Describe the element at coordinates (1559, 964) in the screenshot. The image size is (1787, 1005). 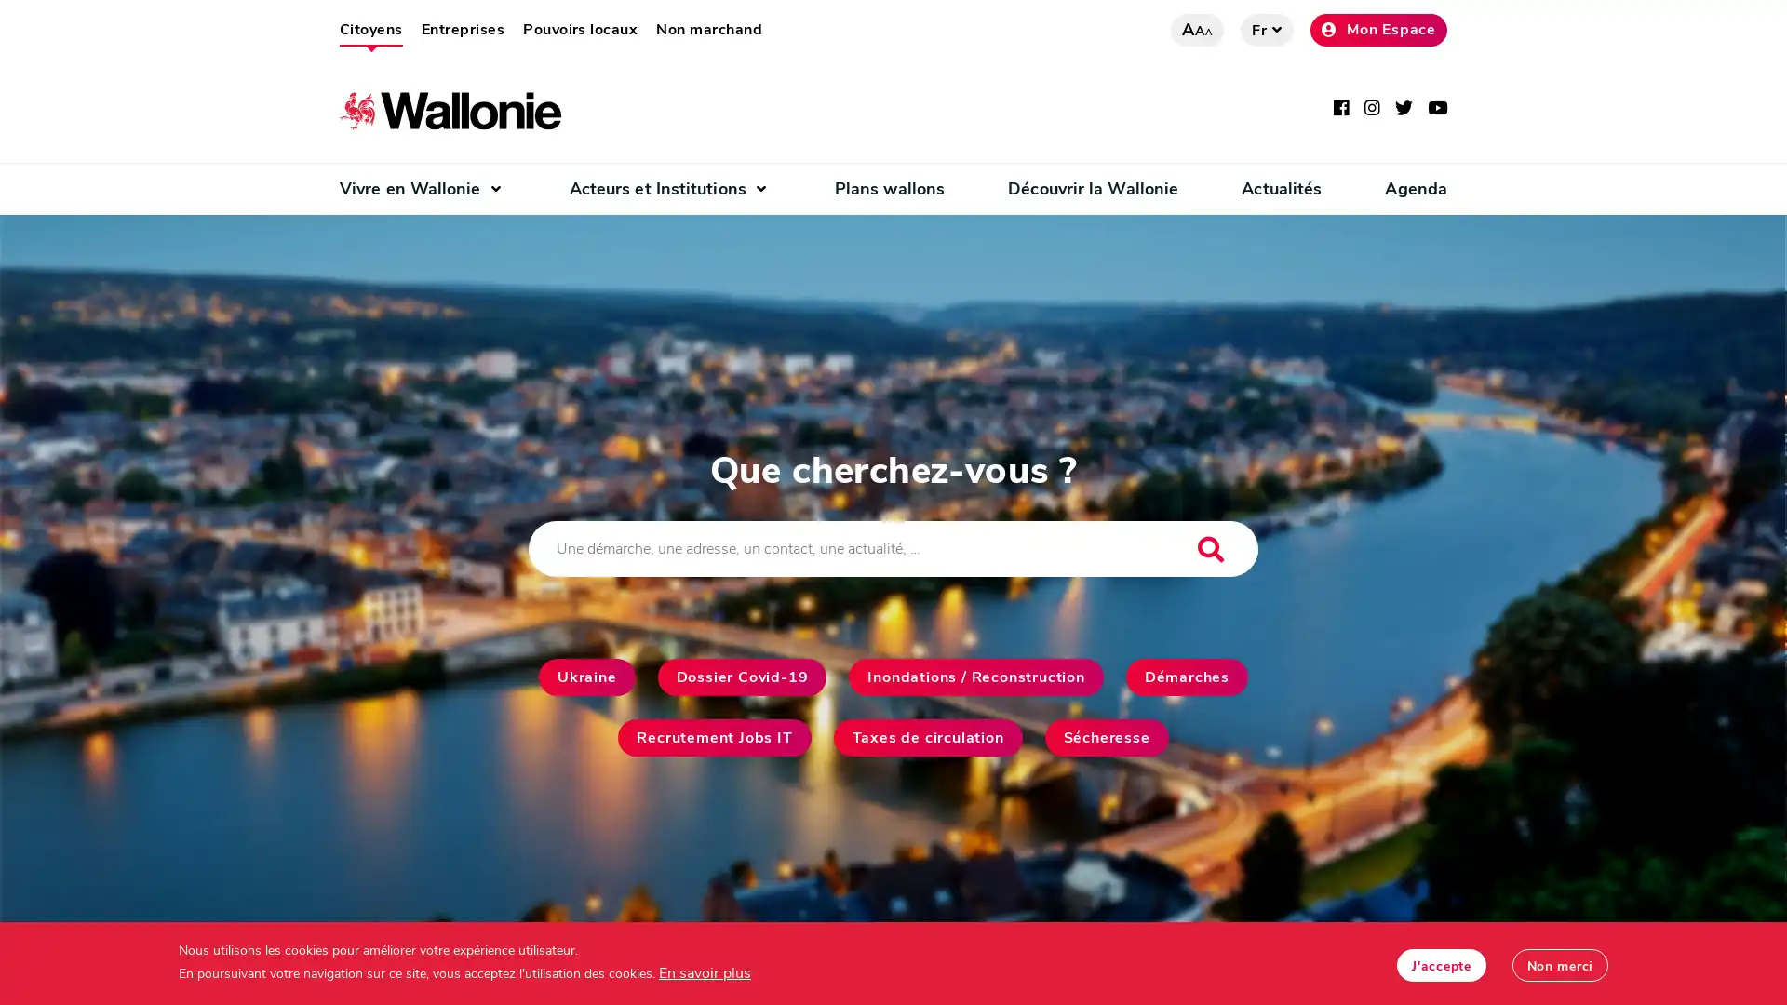
I see `Non merci` at that location.